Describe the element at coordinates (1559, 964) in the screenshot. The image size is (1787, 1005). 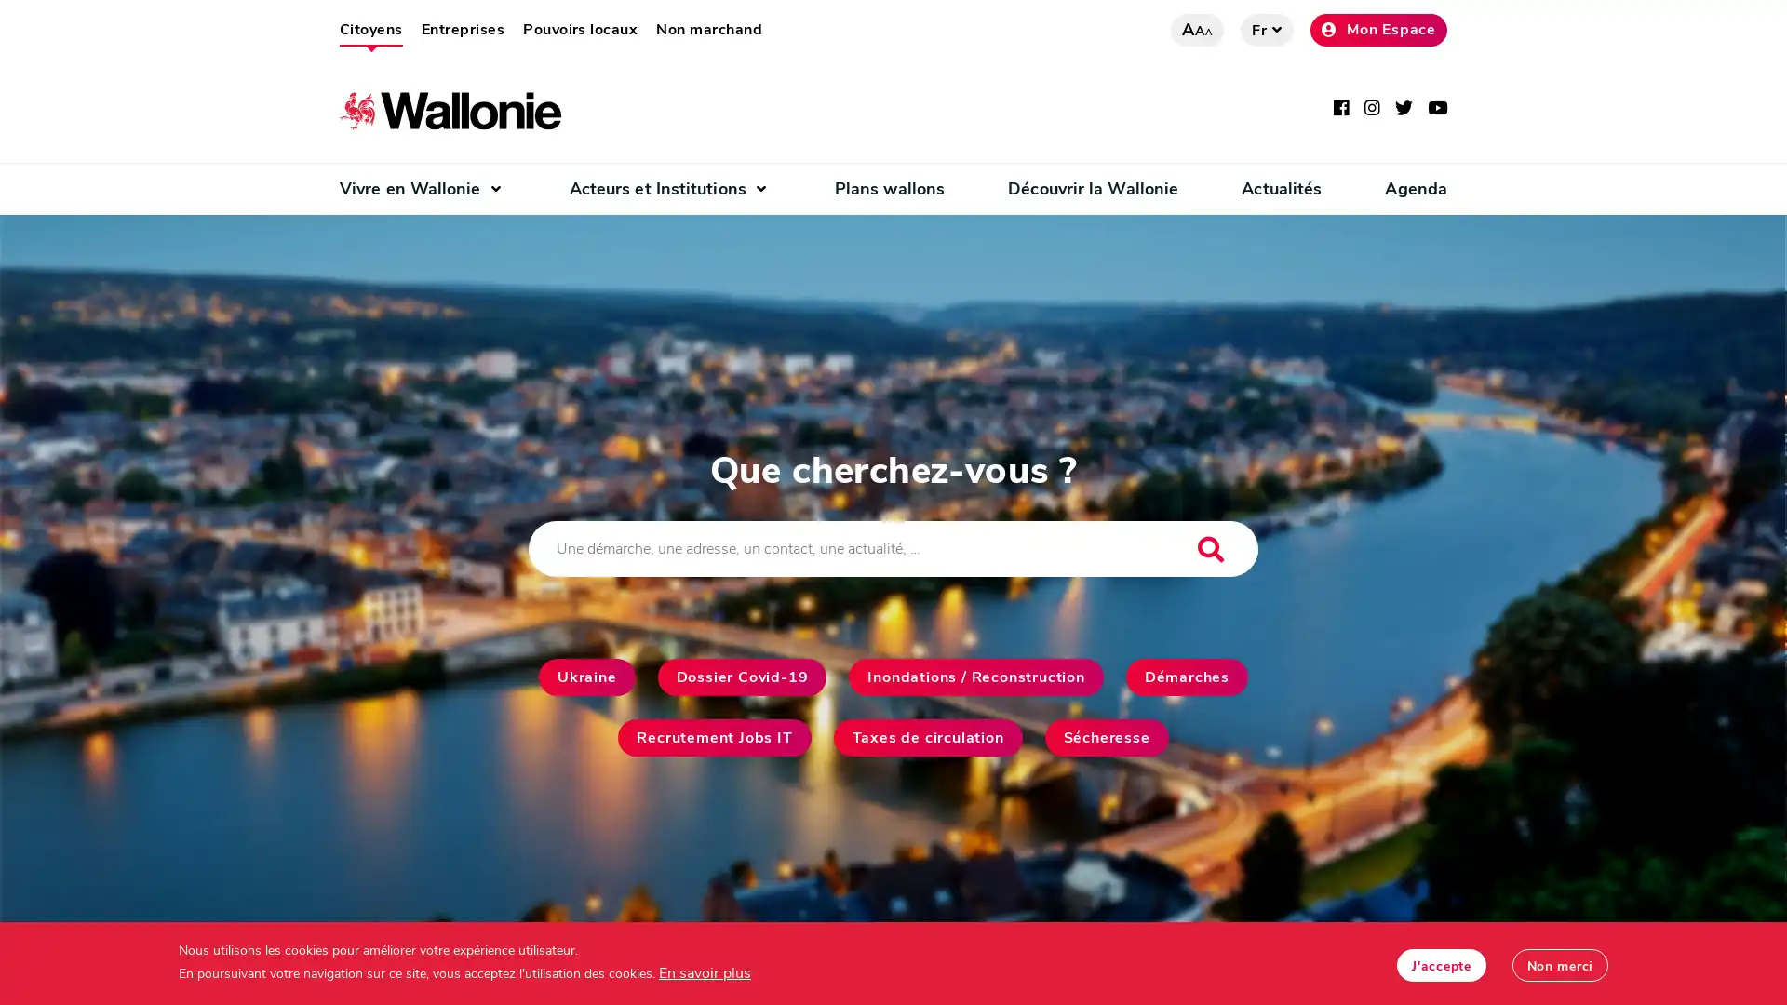
I see `Non merci` at that location.